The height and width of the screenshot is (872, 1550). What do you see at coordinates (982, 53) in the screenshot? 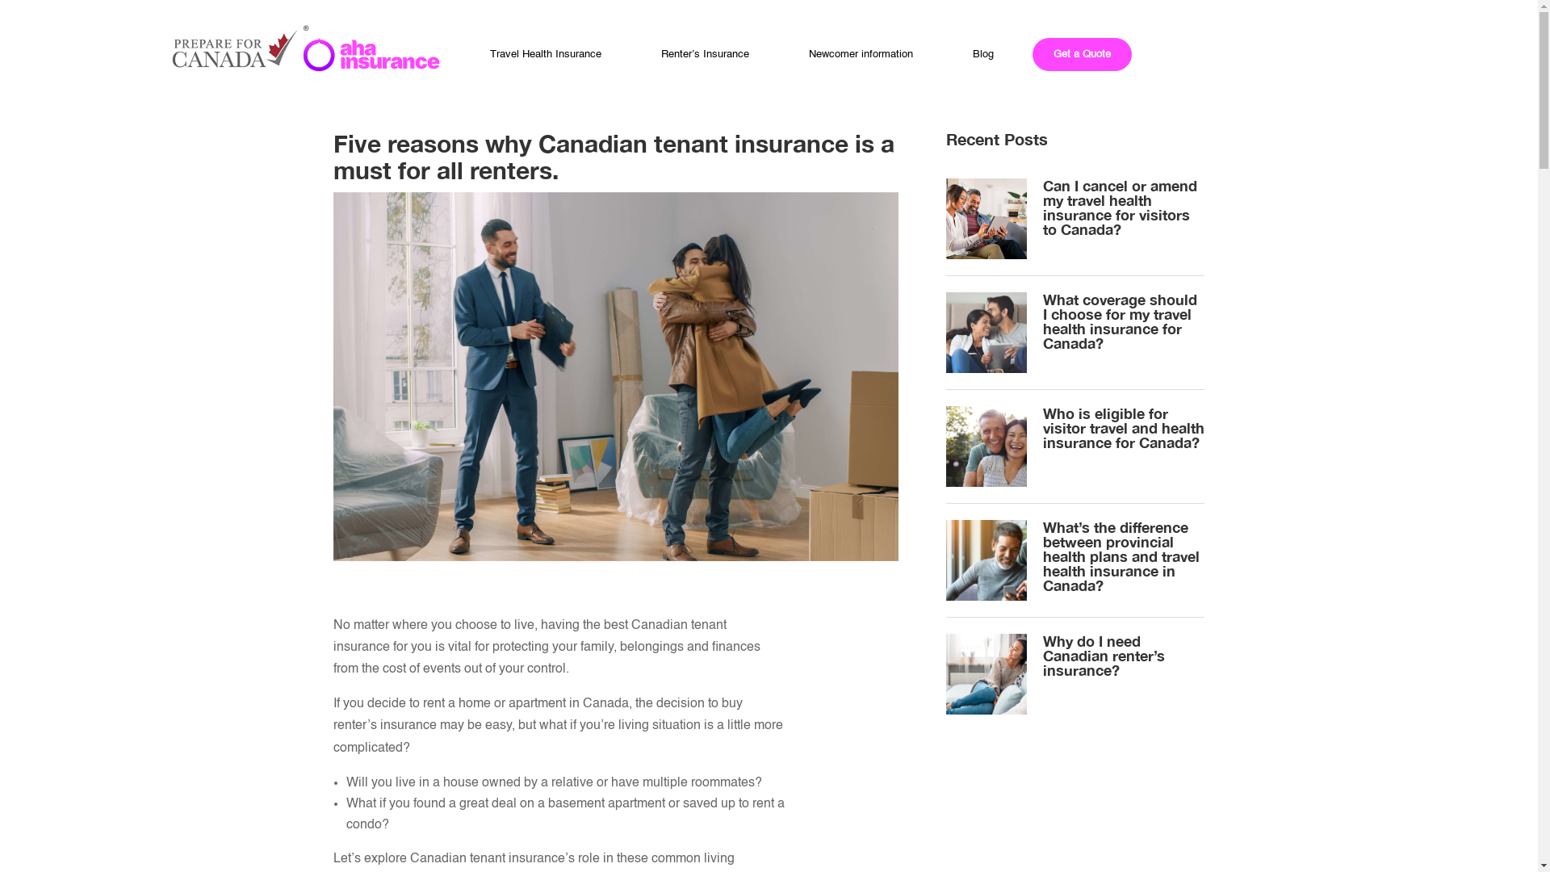
I see `'Blog'` at bounding box center [982, 53].